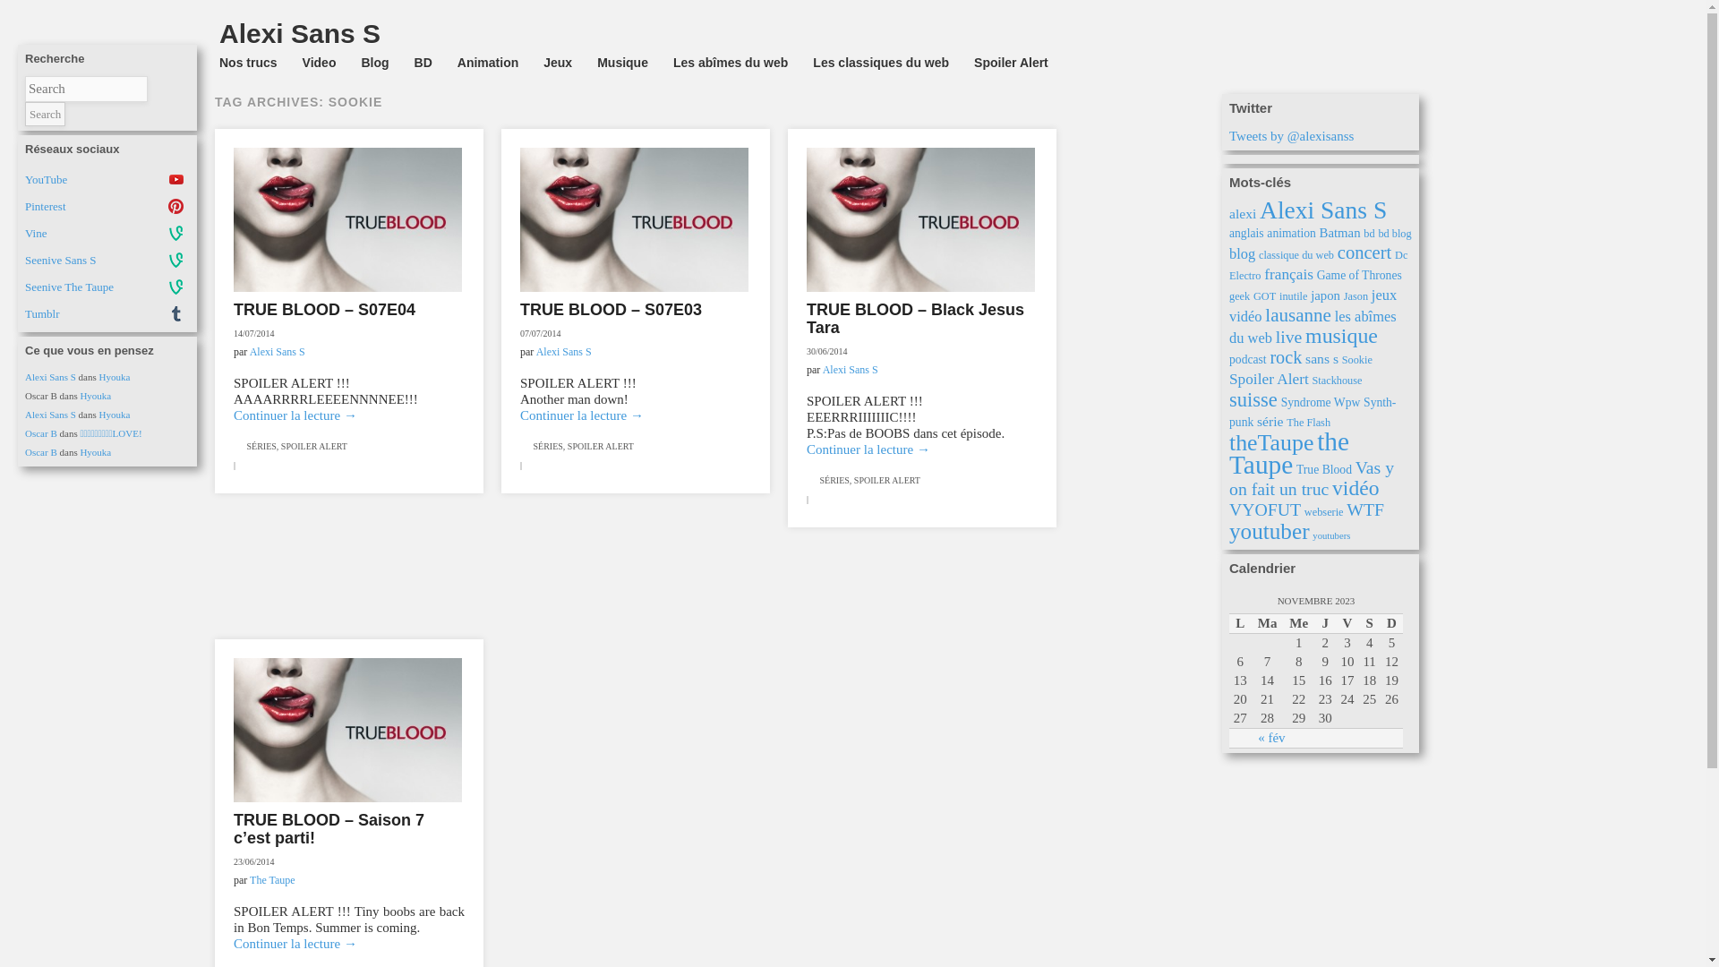 The image size is (1719, 967). I want to click on 'Jason', so click(1356, 295).